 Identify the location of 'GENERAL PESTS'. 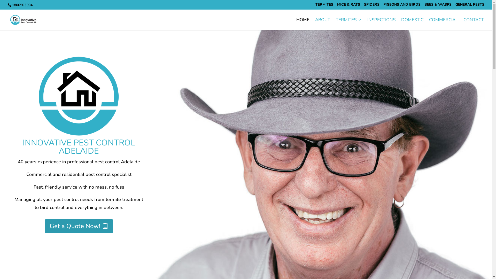
(470, 6).